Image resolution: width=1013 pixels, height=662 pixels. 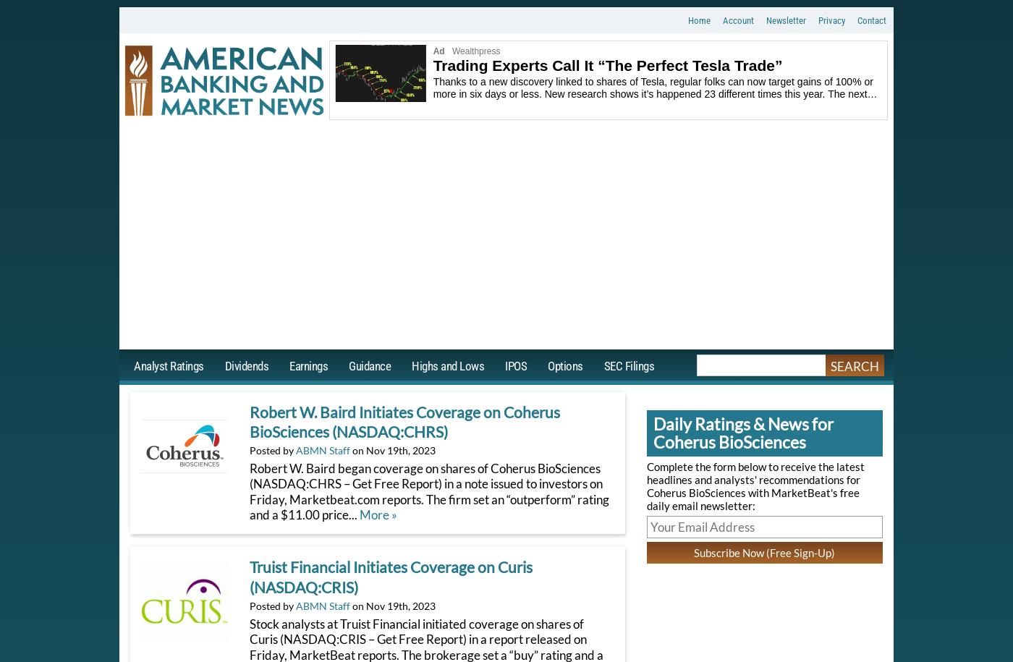 What do you see at coordinates (818, 20) in the screenshot?
I see `'Privacy'` at bounding box center [818, 20].